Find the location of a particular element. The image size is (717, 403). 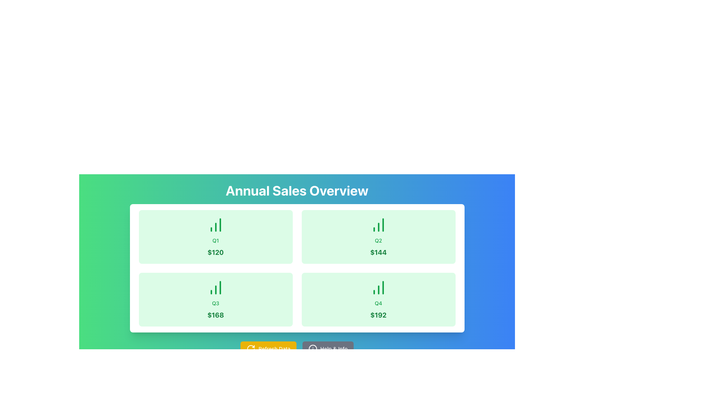

the bold green text label displaying the value '$192' located at the bottom-right quadrant of the primary group of cards is located at coordinates (378, 315).